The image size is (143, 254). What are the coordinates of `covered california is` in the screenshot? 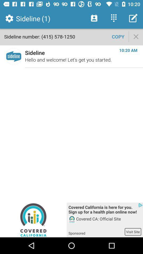 It's located at (105, 210).